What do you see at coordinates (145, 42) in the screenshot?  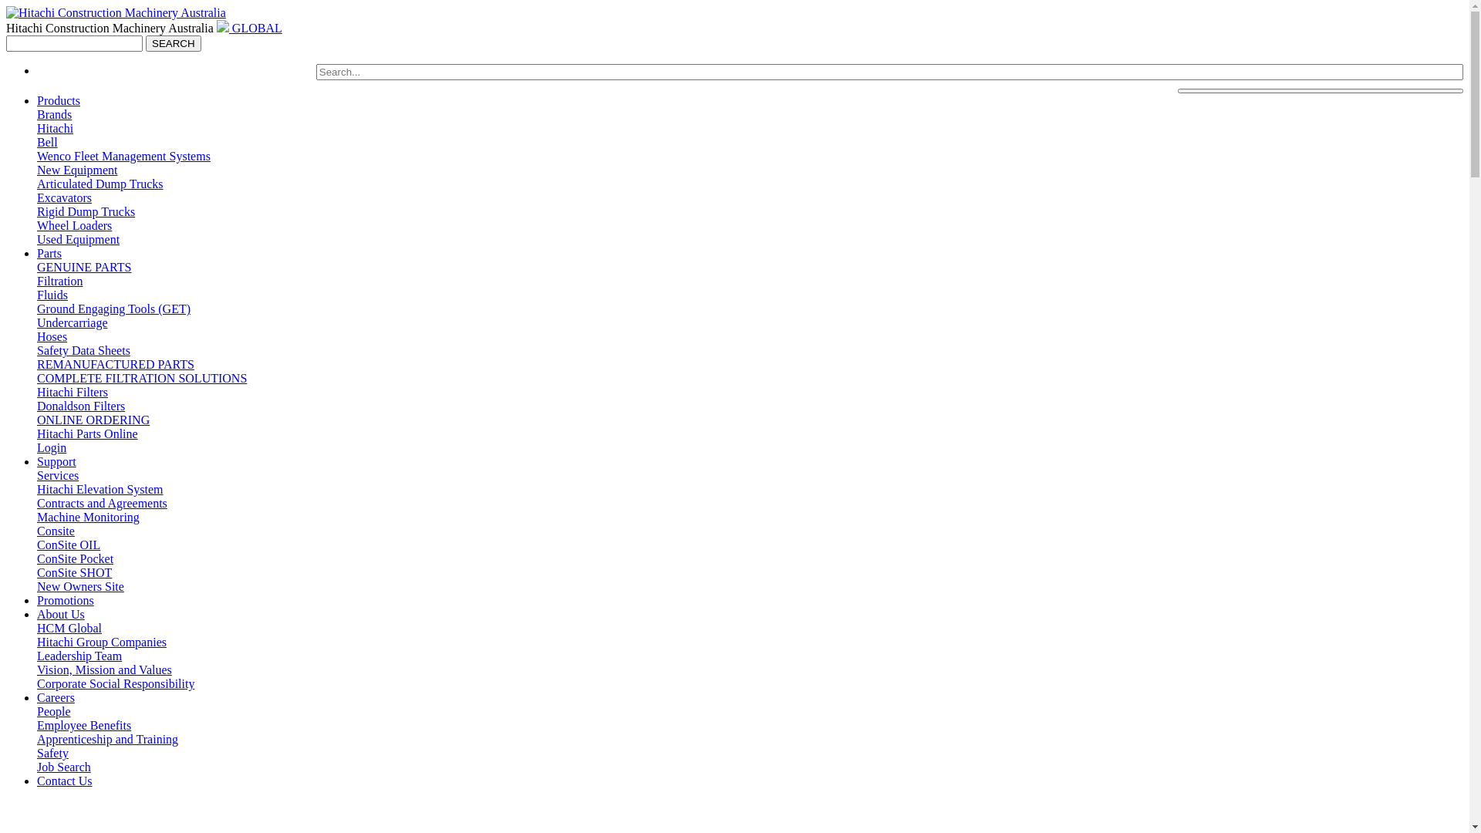 I see `'SEARCH'` at bounding box center [145, 42].